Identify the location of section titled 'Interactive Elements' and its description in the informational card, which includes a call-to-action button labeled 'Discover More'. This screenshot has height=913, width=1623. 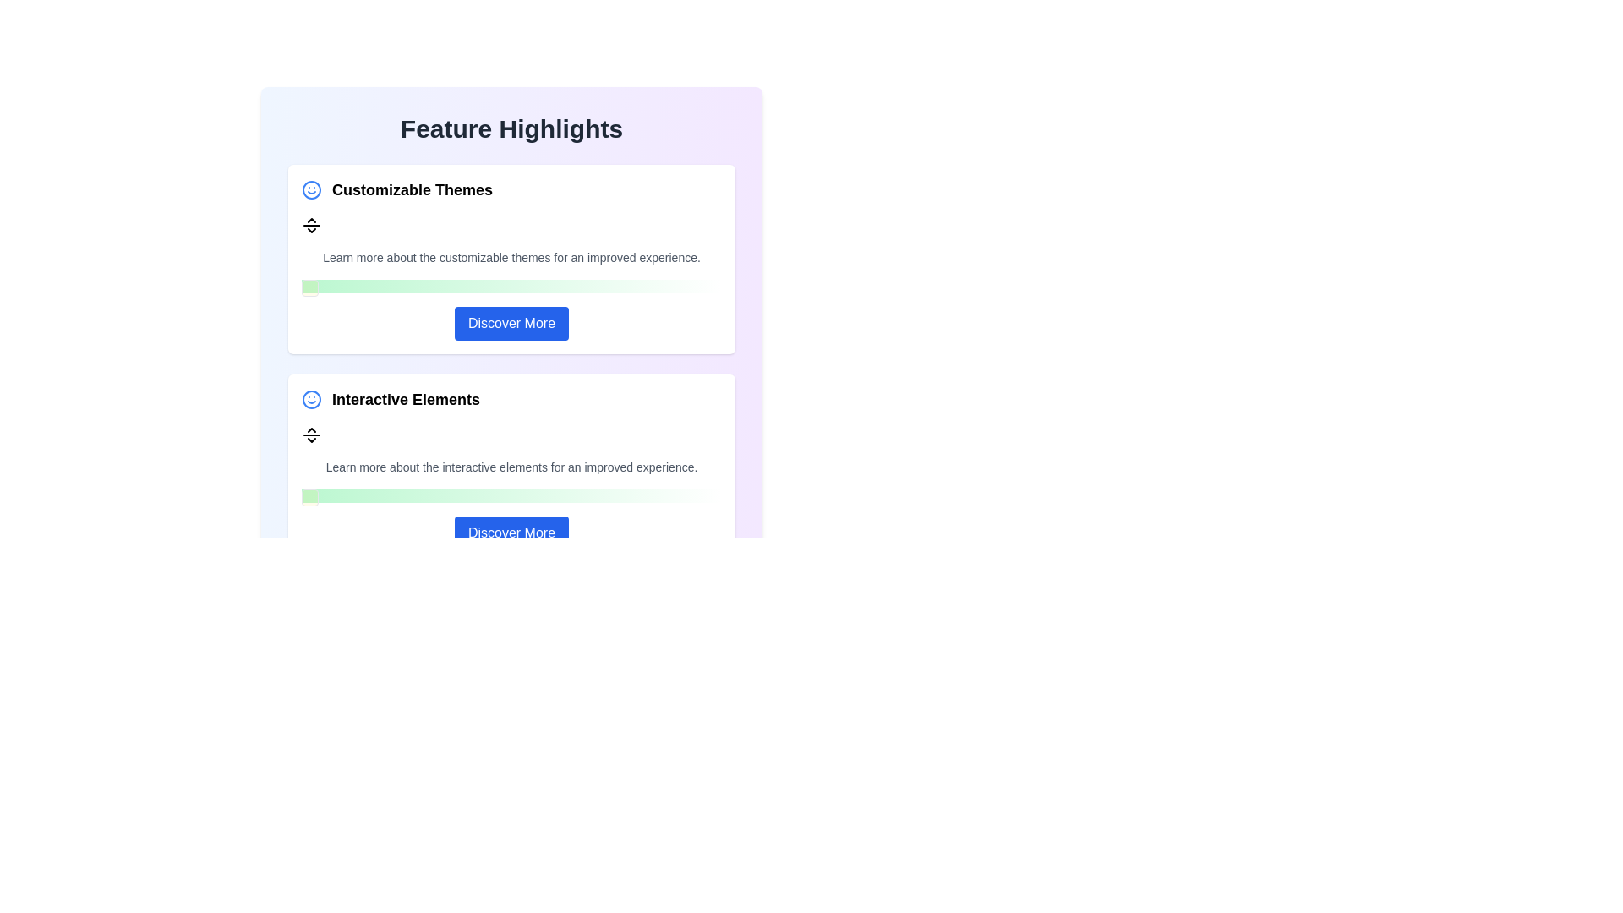
(511, 469).